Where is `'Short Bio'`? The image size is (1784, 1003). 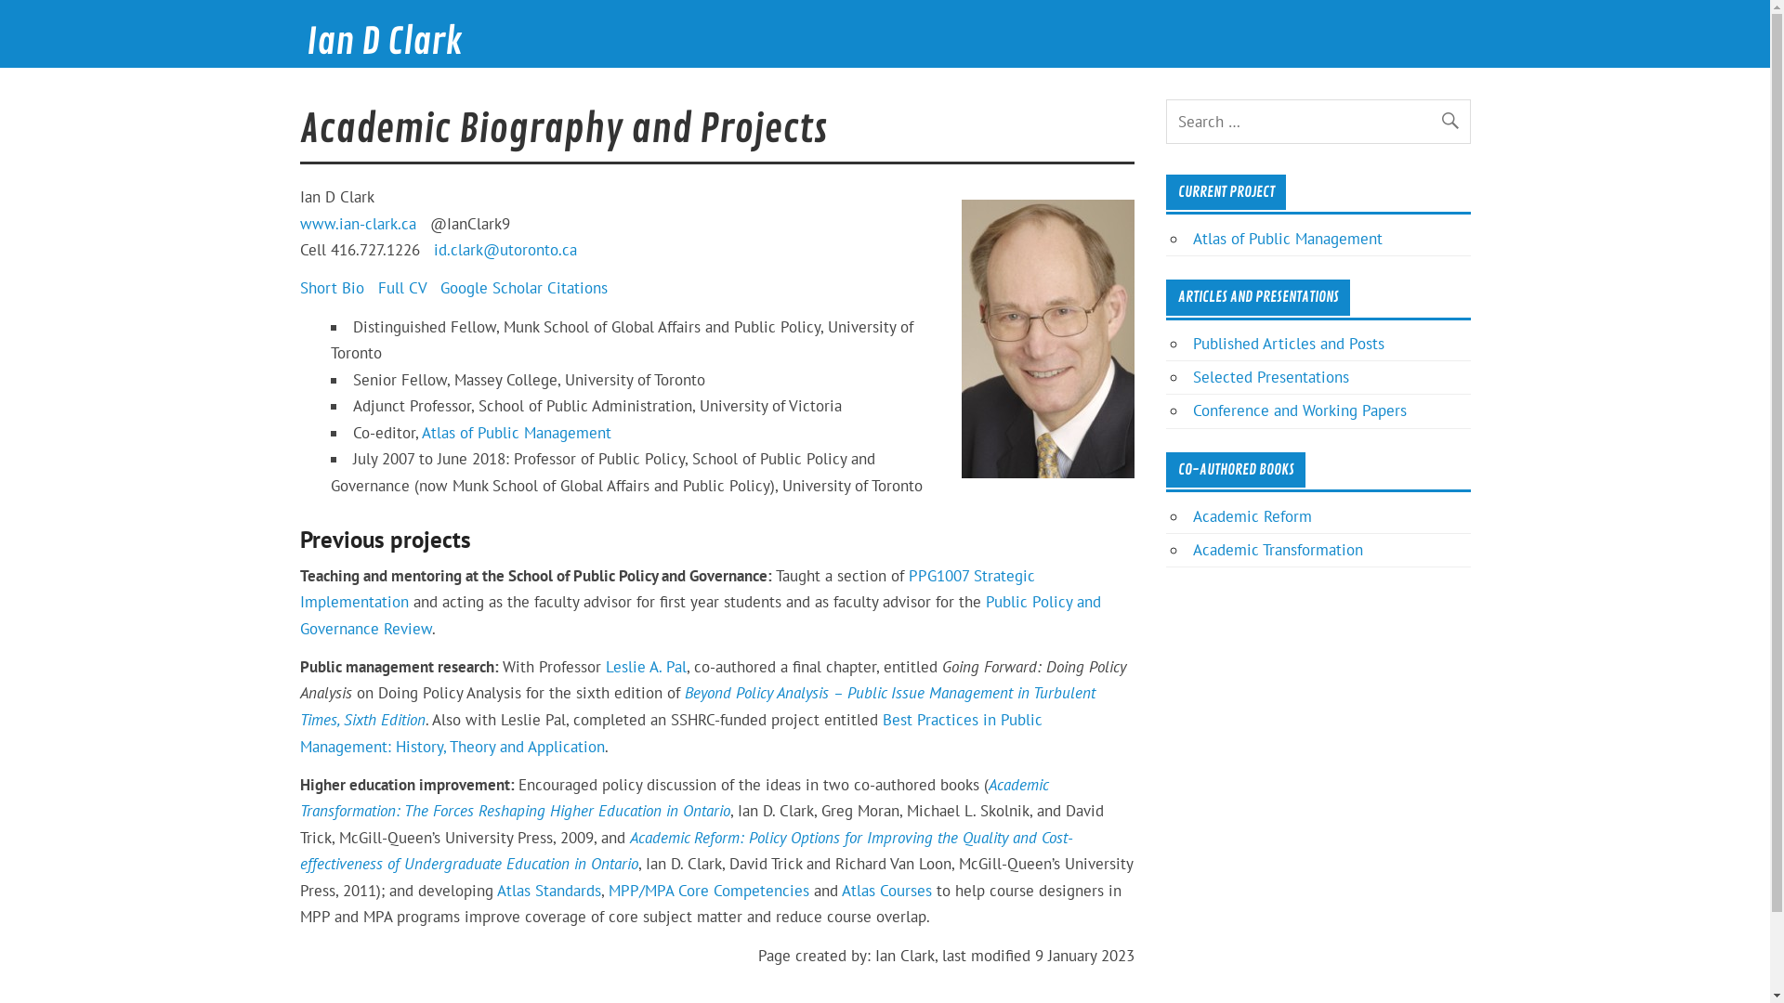 'Short Bio' is located at coordinates (298, 287).